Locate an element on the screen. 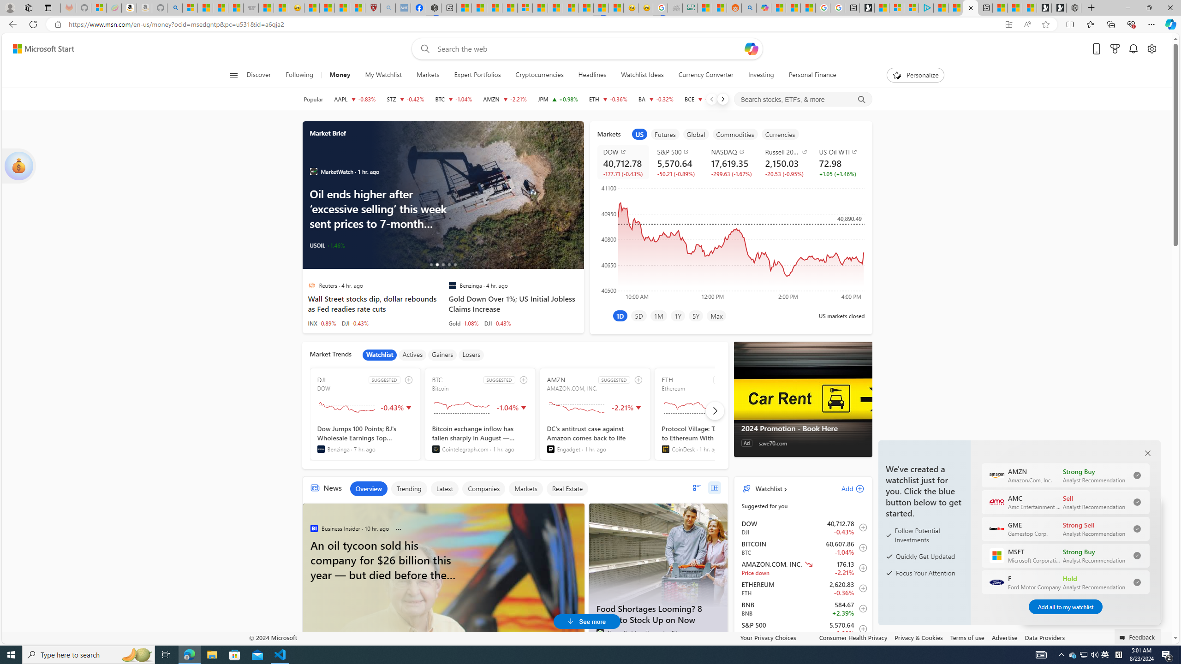 This screenshot has height=664, width=1181. 'Business Insider' is located at coordinates (313, 528).